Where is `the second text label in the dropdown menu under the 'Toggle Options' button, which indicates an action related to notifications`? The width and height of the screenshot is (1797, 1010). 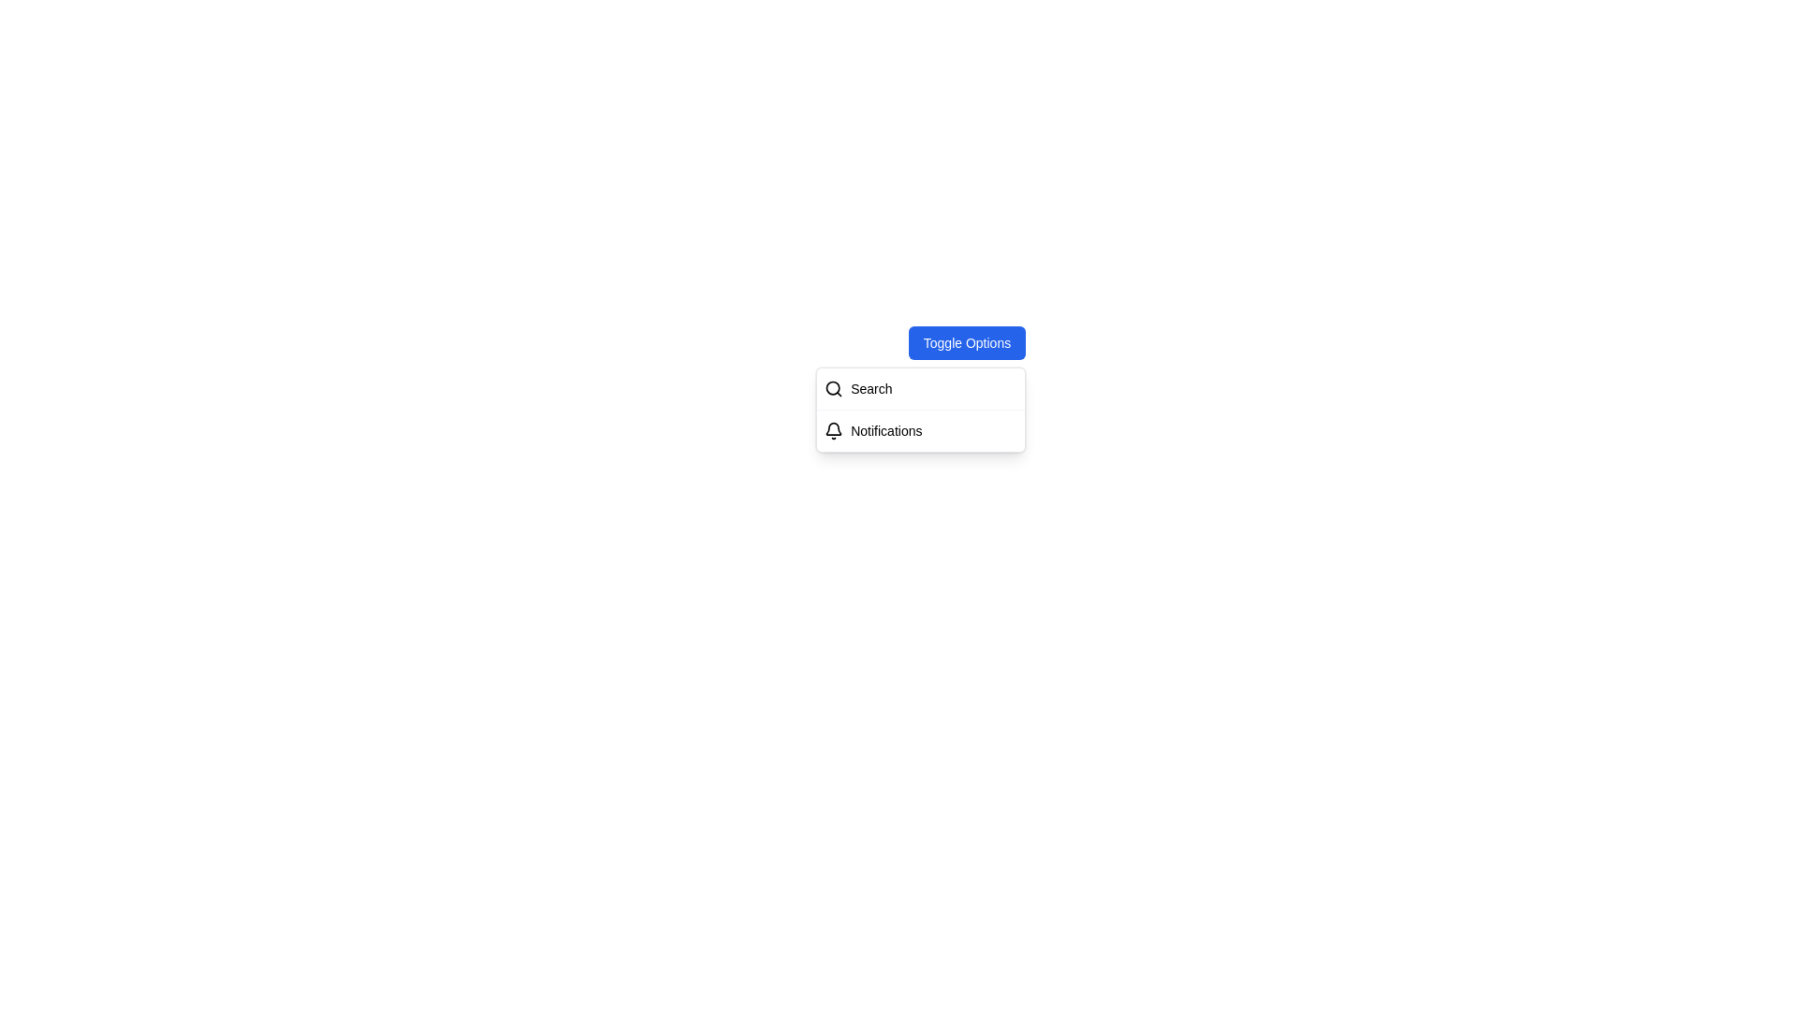
the second text label in the dropdown menu under the 'Toggle Options' button, which indicates an action related to notifications is located at coordinates (885, 431).